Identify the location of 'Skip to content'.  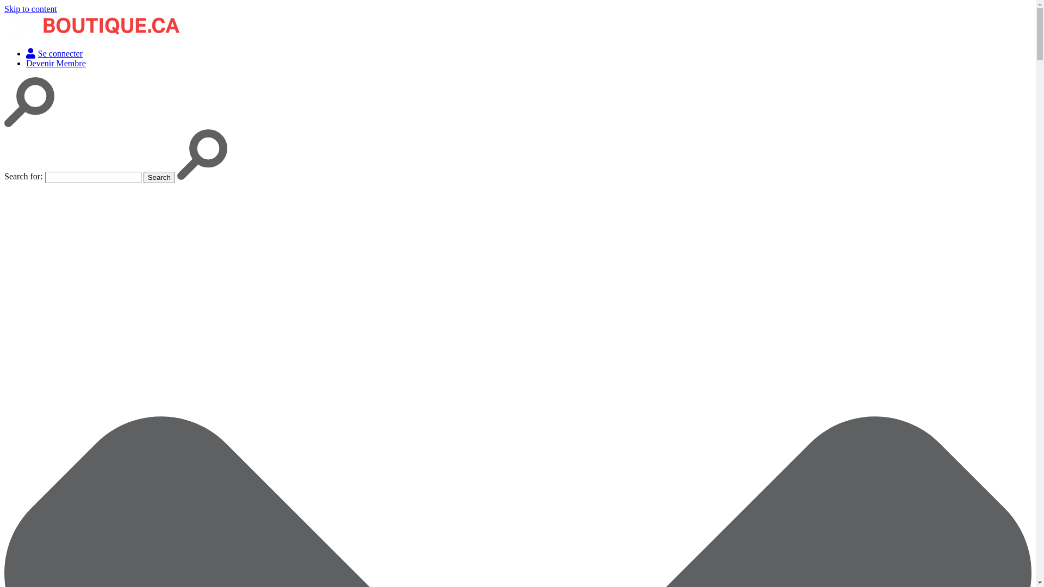
(30, 9).